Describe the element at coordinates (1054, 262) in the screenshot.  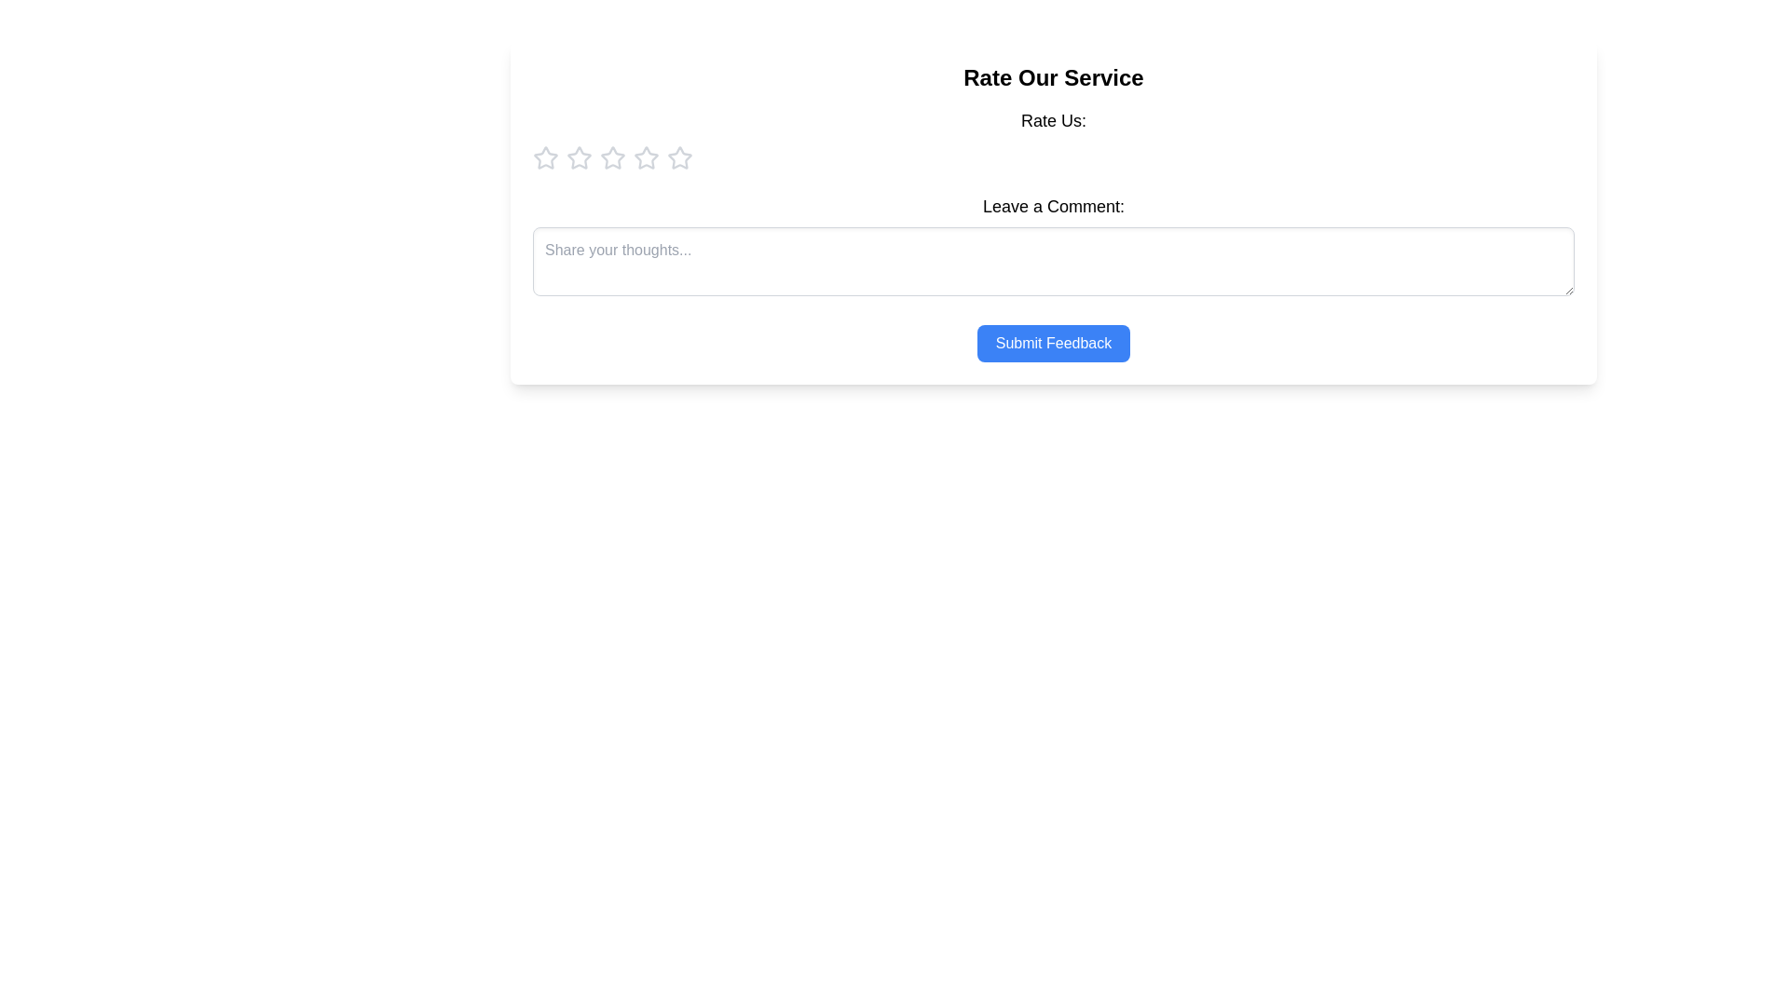
I see `the text area and type a comment` at that location.